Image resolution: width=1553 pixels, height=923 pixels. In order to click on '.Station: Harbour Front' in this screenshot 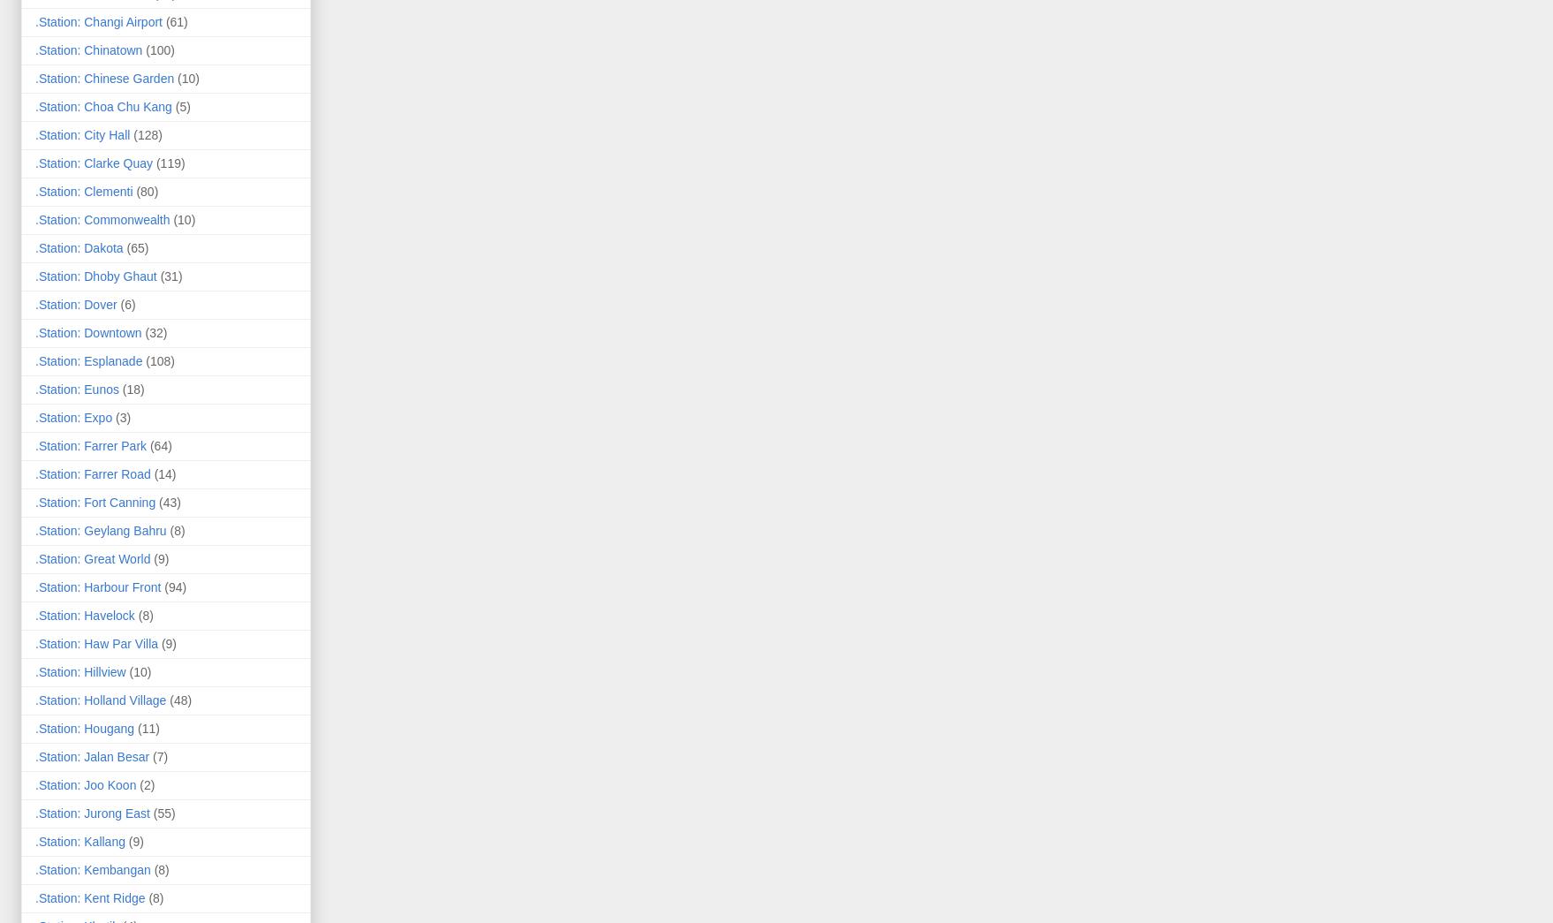, I will do `click(97, 586)`.